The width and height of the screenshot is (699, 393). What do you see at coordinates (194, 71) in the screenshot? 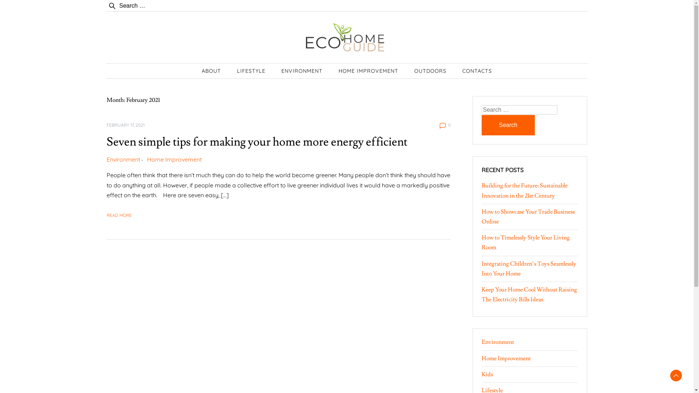
I see `'ABOUT'` at bounding box center [194, 71].